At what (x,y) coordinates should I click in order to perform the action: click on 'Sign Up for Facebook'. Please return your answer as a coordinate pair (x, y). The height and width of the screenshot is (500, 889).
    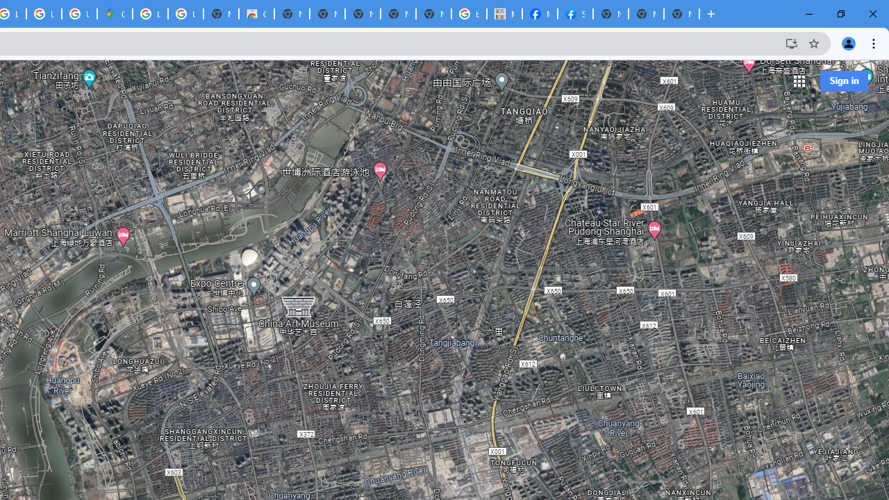
    Looking at the image, I should click on (575, 14).